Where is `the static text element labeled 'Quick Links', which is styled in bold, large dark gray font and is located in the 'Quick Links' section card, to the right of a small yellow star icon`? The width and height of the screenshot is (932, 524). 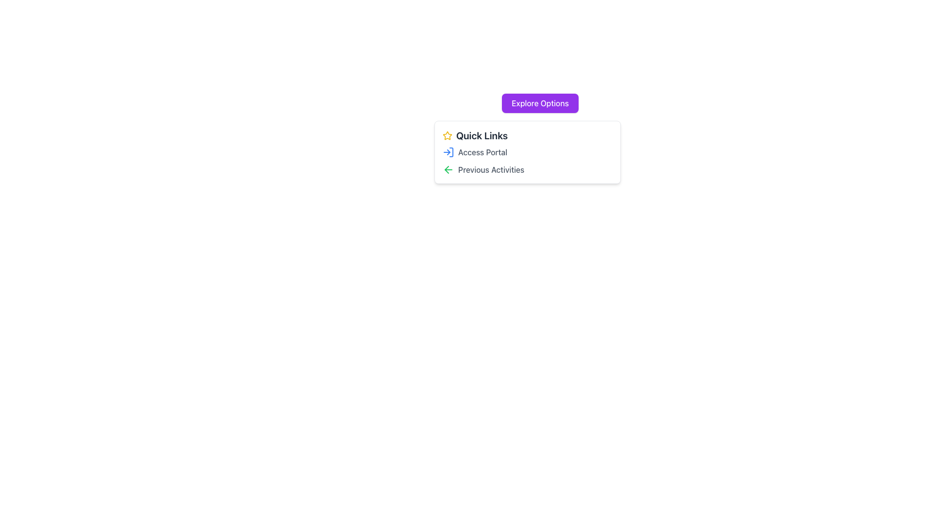 the static text element labeled 'Quick Links', which is styled in bold, large dark gray font and is located in the 'Quick Links' section card, to the right of a small yellow star icon is located at coordinates (482, 136).